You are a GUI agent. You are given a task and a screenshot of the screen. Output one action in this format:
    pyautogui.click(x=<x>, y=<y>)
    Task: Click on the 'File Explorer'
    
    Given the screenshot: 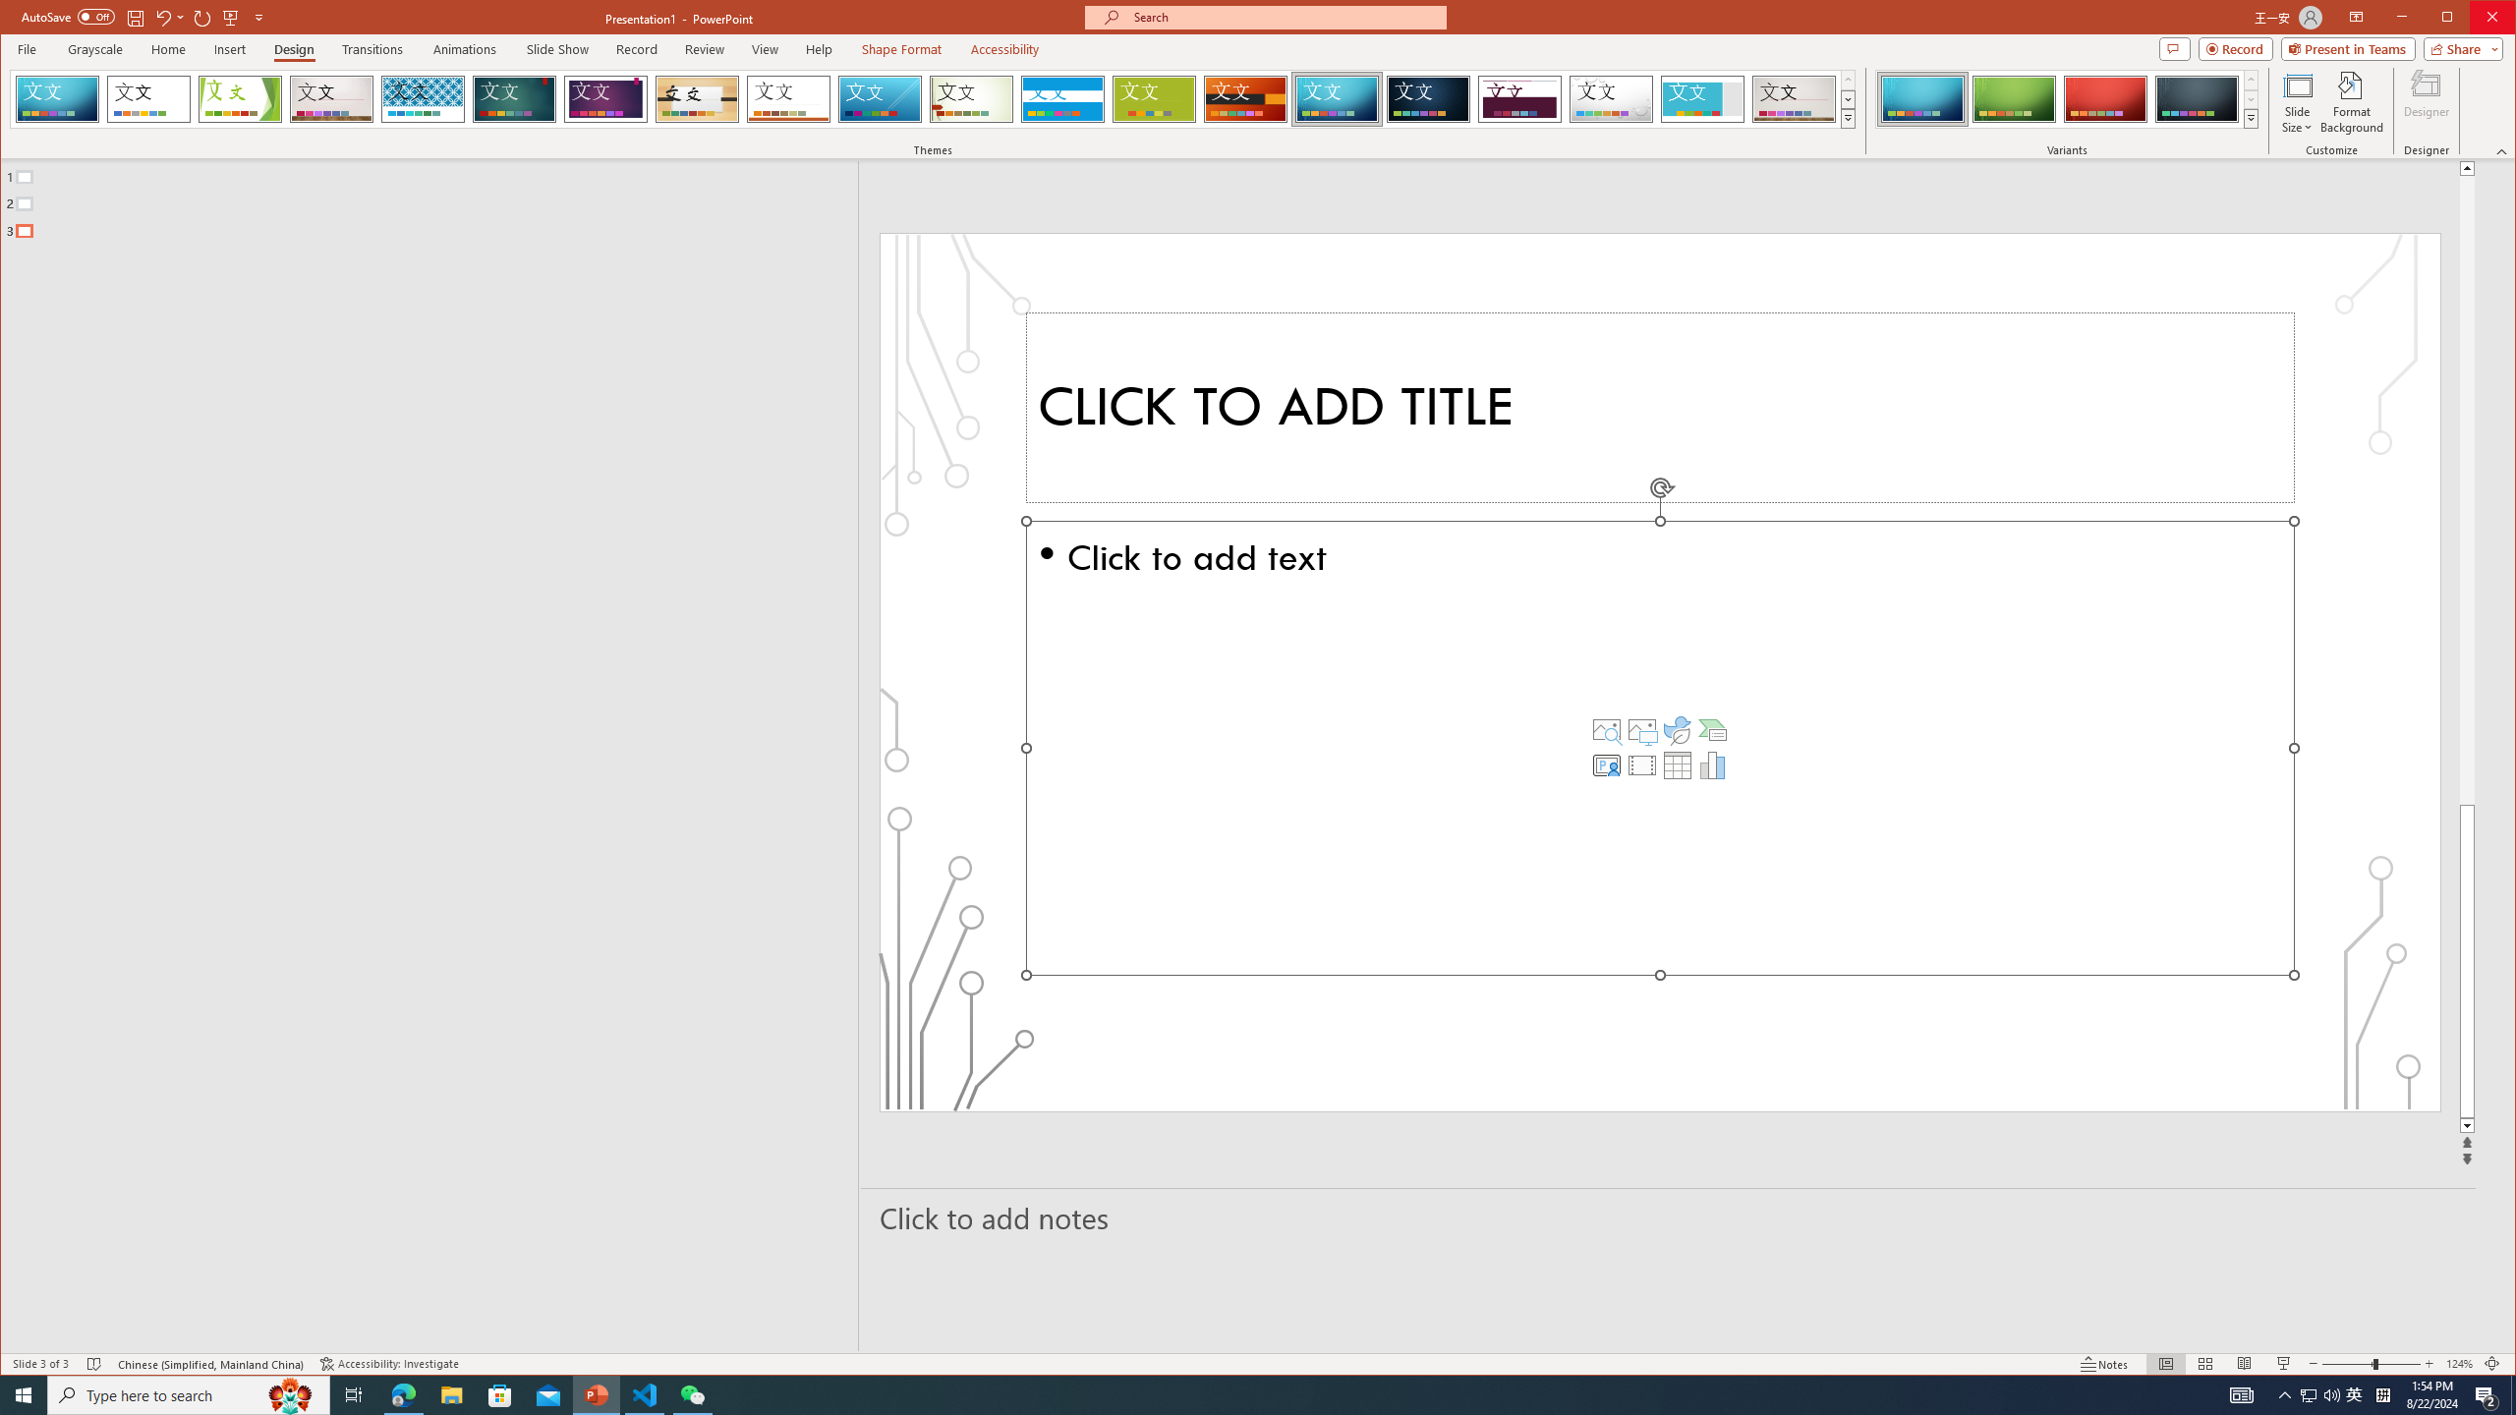 What is the action you would take?
    pyautogui.click(x=450, y=1393)
    